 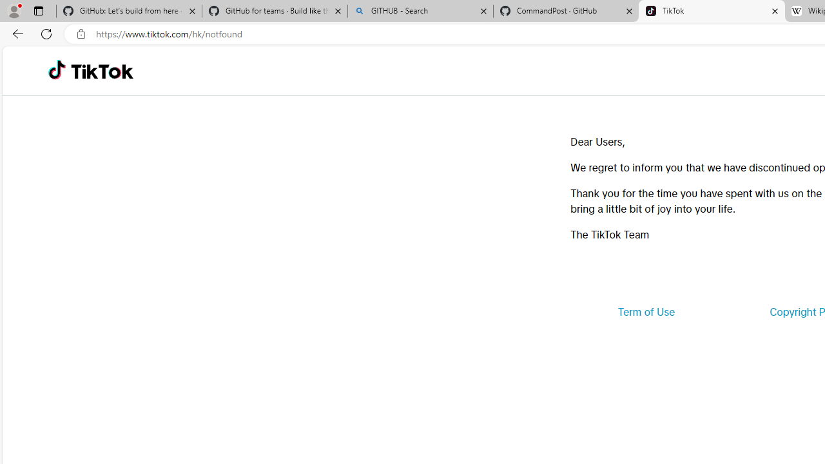 What do you see at coordinates (46, 33) in the screenshot?
I see `'Refresh'` at bounding box center [46, 33].